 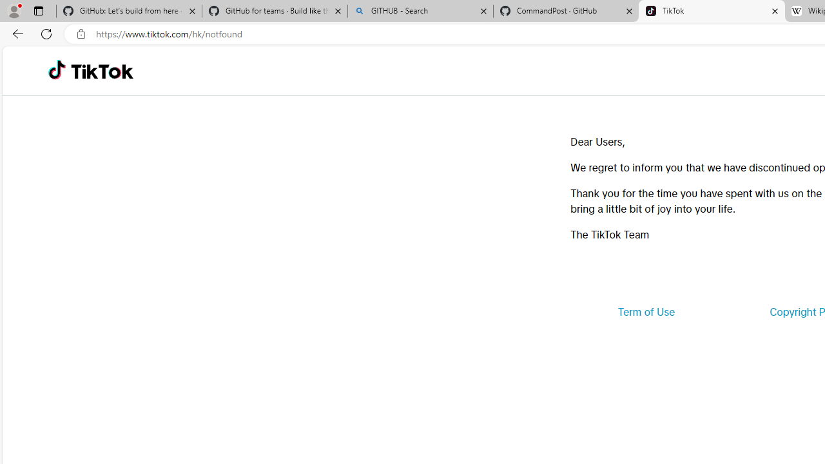 What do you see at coordinates (46, 33) in the screenshot?
I see `'Refresh'` at bounding box center [46, 33].